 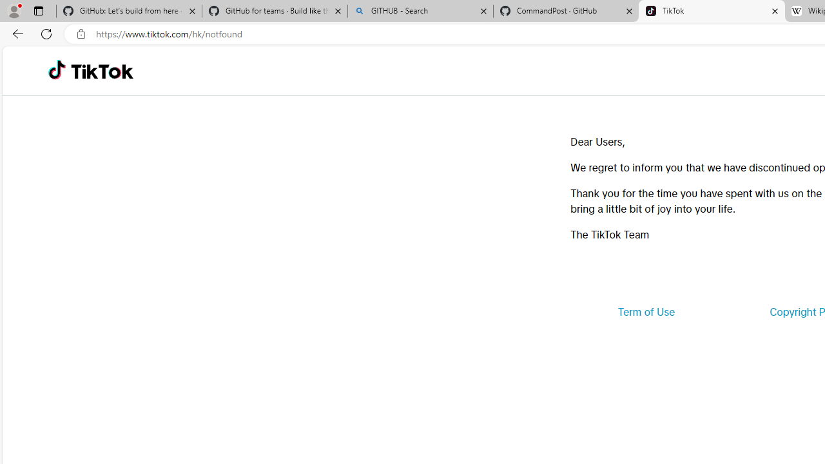 What do you see at coordinates (46, 33) in the screenshot?
I see `'Refresh'` at bounding box center [46, 33].